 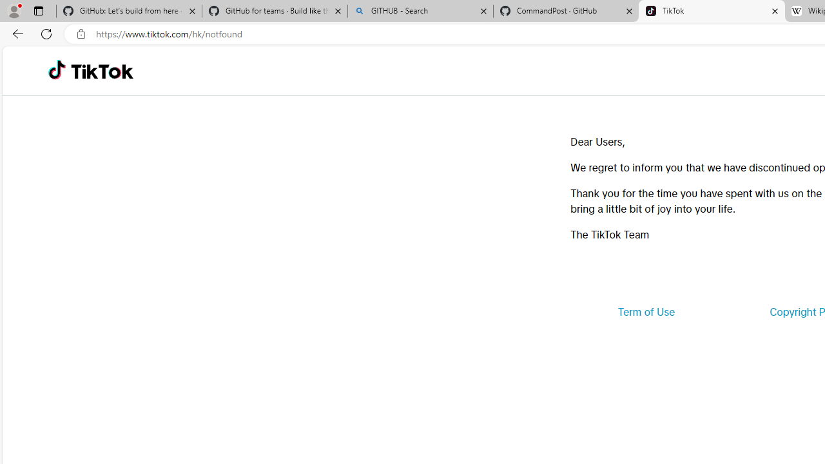 What do you see at coordinates (46, 33) in the screenshot?
I see `'Refresh'` at bounding box center [46, 33].